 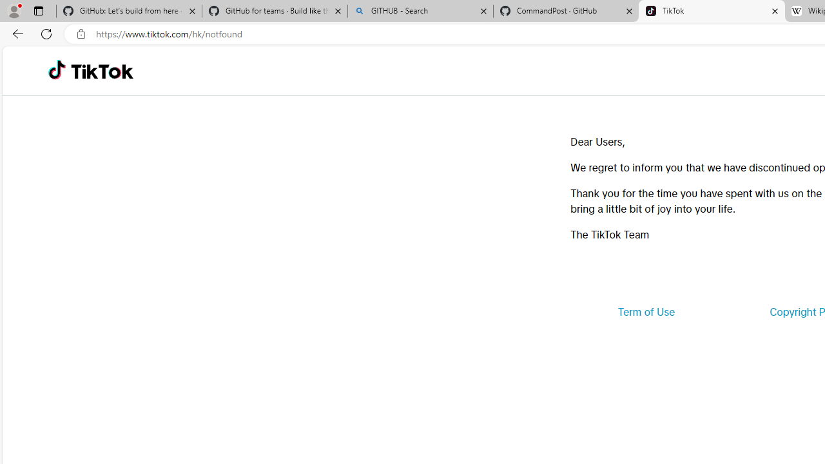 What do you see at coordinates (46, 33) in the screenshot?
I see `'Refresh'` at bounding box center [46, 33].